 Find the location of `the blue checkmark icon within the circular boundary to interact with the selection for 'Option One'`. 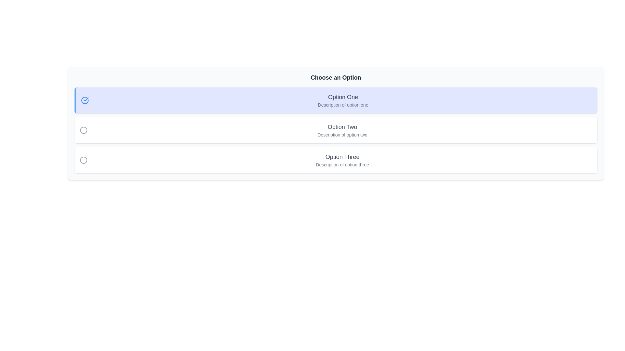

the blue checkmark icon within the circular boundary to interact with the selection for 'Option One' is located at coordinates (86, 99).